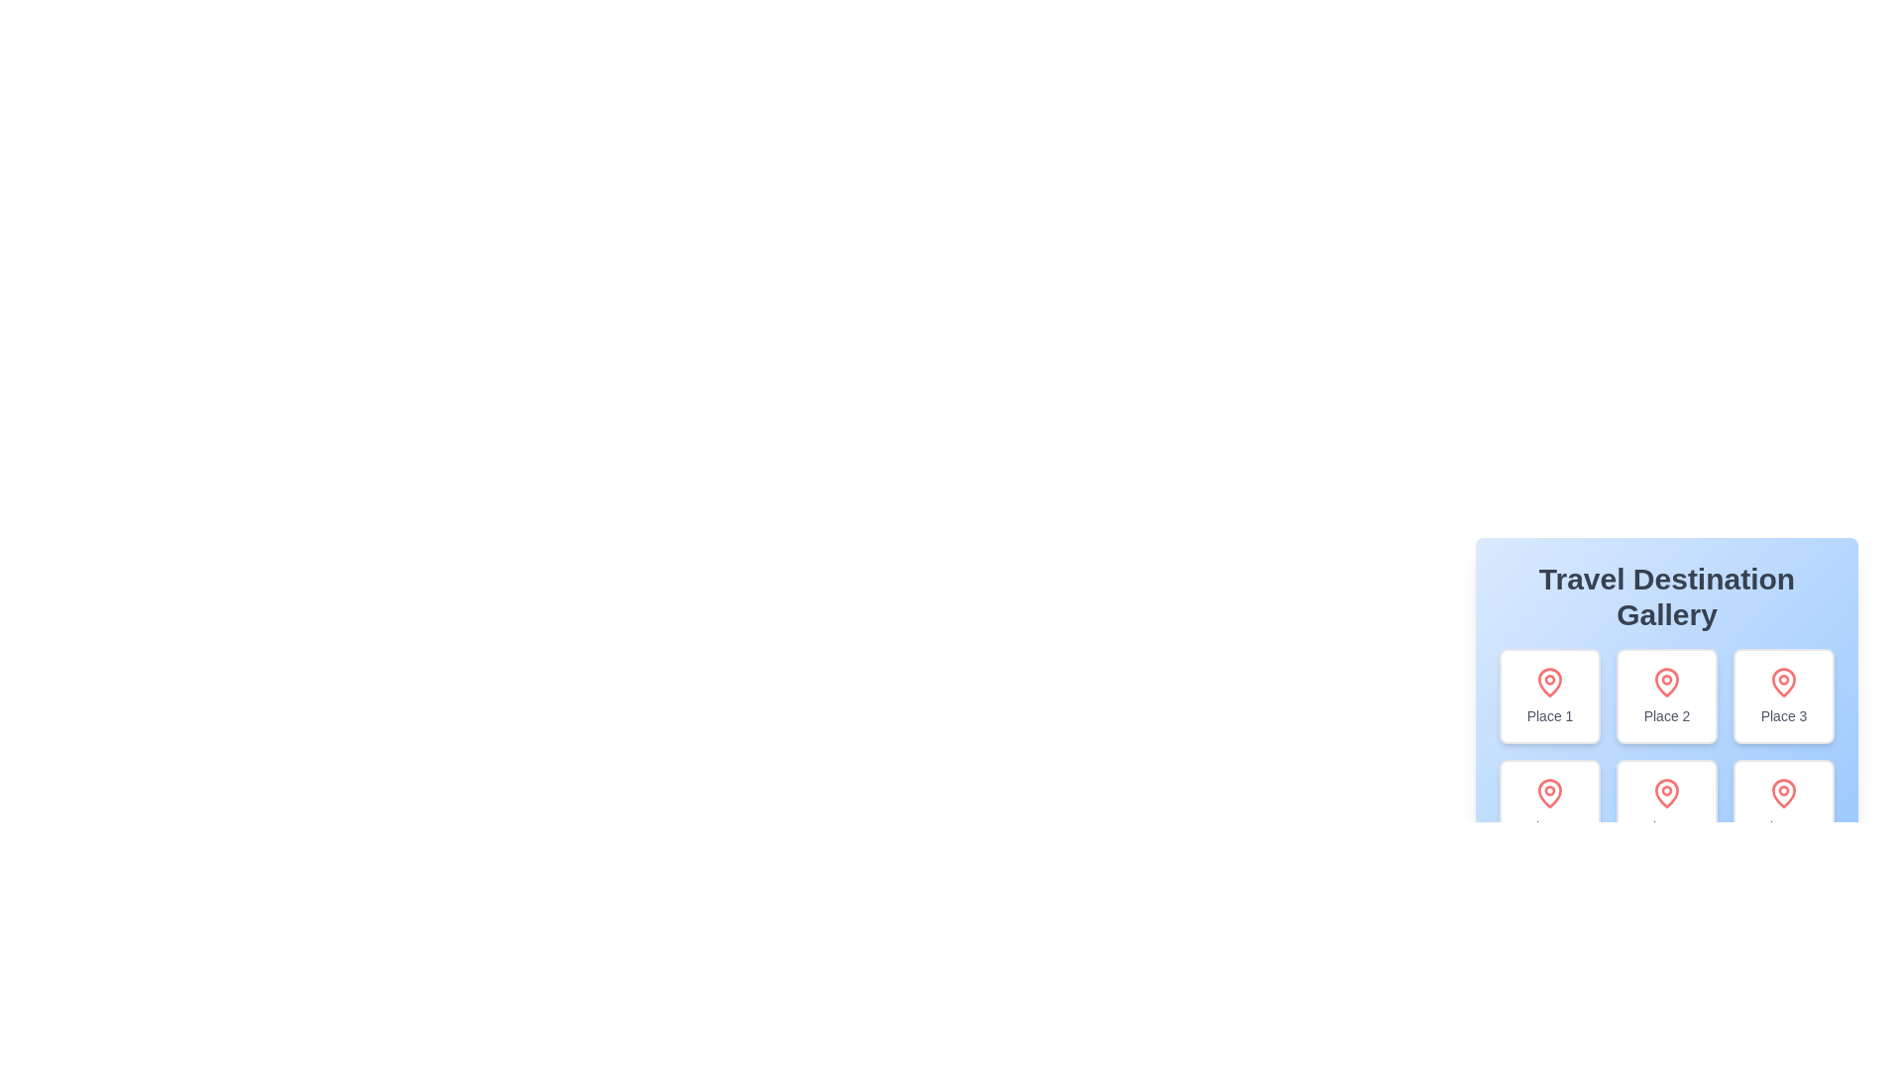  Describe the element at coordinates (1549, 806) in the screenshot. I see `the 'Place 4' navigation card located in the first card of the second row under the 'Travel Destination Gallery'` at that location.